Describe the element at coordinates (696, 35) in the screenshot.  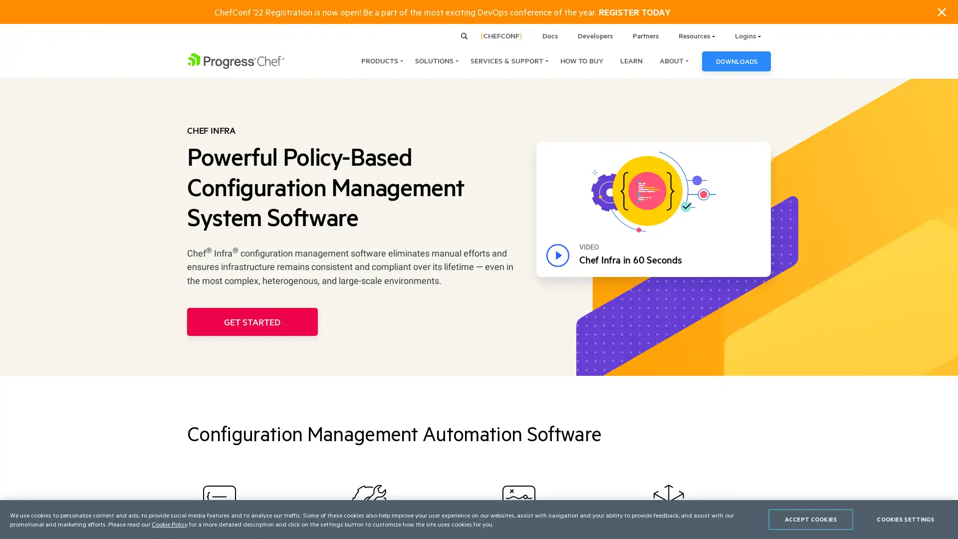
I see `Resources` at that location.